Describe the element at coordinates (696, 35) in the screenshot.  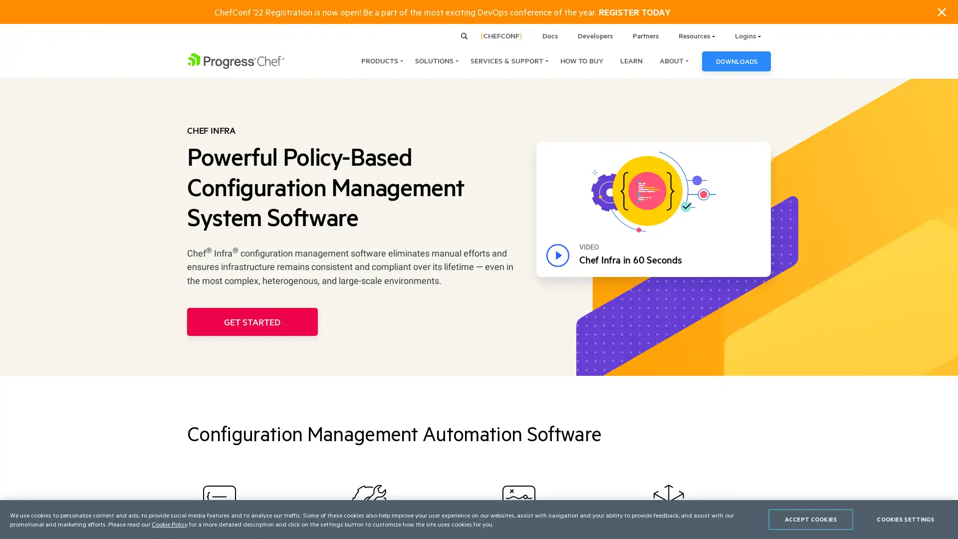
I see `Resources` at that location.